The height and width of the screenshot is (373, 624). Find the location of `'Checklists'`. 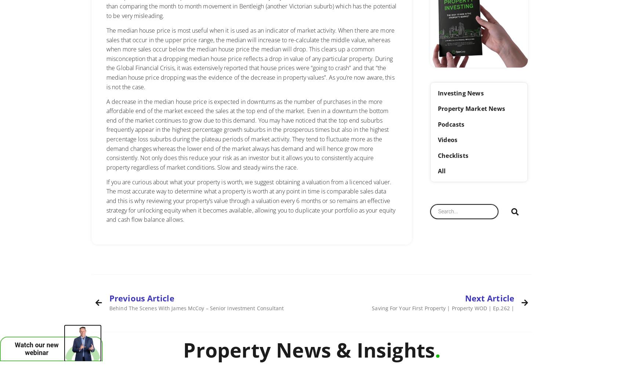

'Checklists' is located at coordinates (453, 155).